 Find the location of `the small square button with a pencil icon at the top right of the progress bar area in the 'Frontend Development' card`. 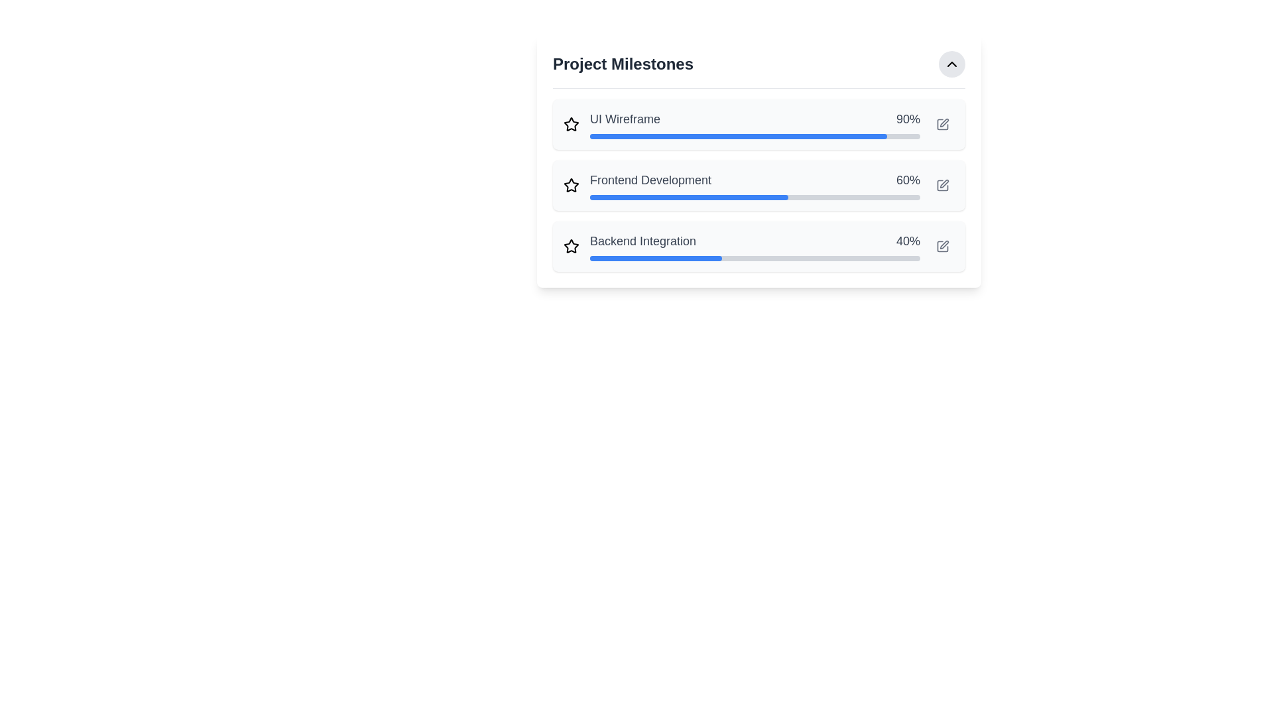

the small square button with a pencil icon at the top right of the progress bar area in the 'Frontend Development' card is located at coordinates (941, 186).